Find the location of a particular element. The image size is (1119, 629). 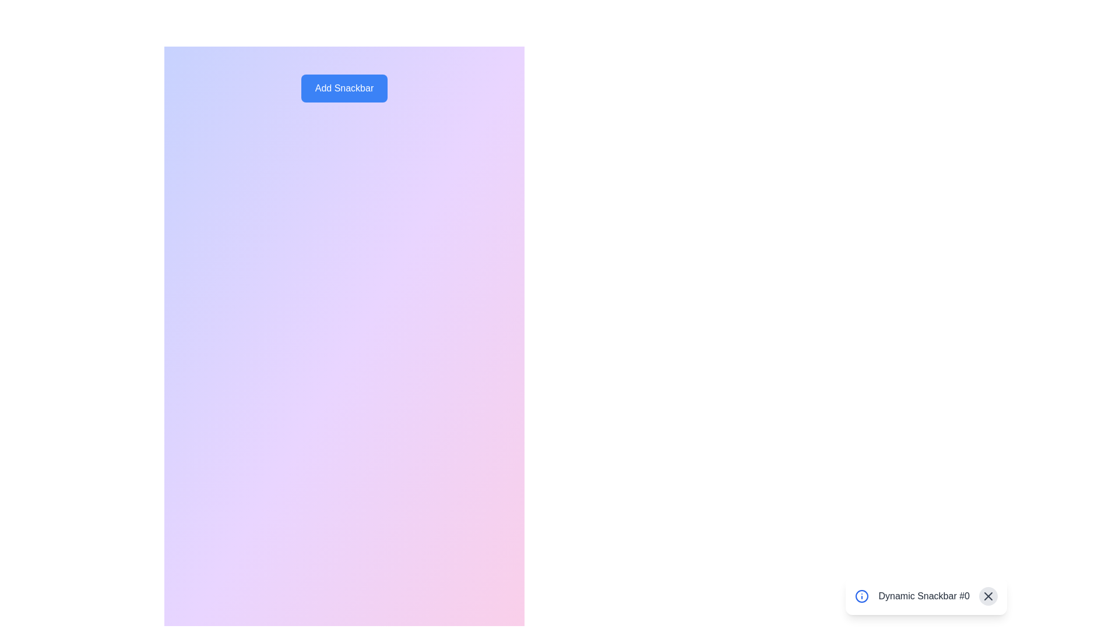

the SVG Circle element located at the bottom-right corner of the interface, which serves as part of an information icon for visual feedback is located at coordinates (862, 596).